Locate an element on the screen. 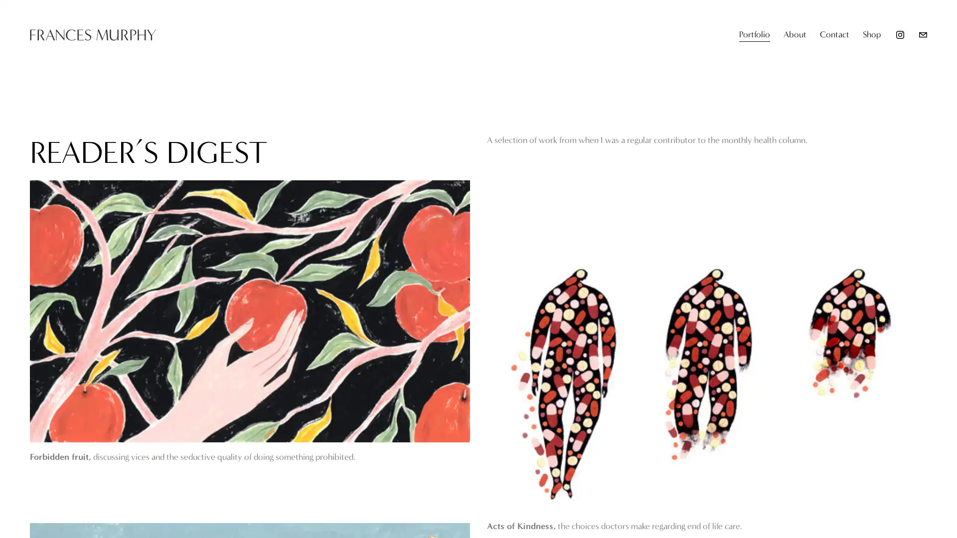  View fullsize Acts of Kindness, the choices doctors make regarding end of life care. is located at coordinates (706, 379).